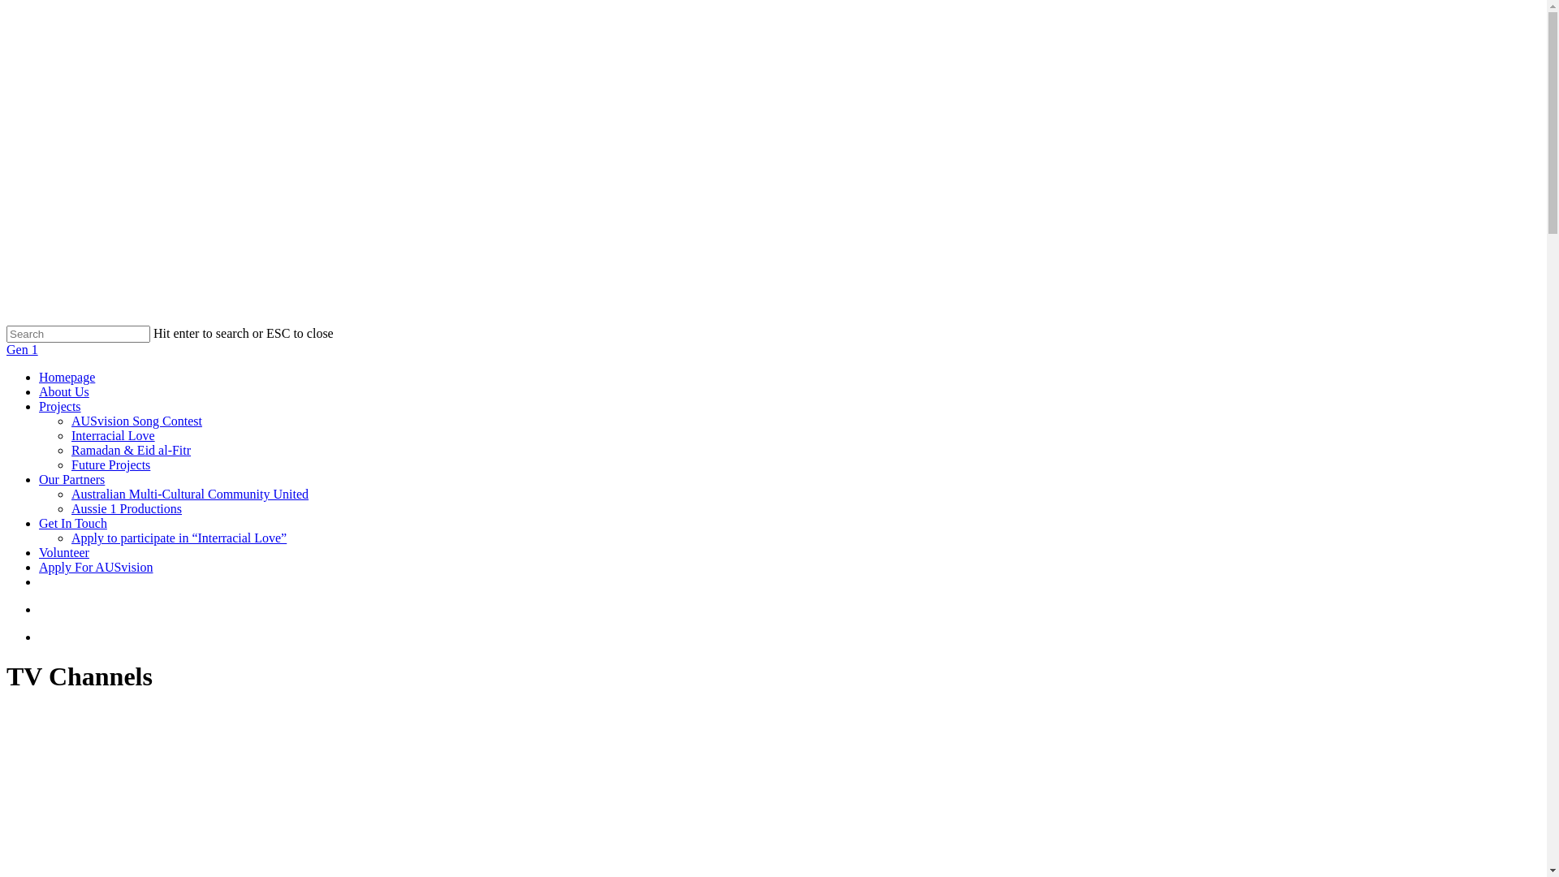 The image size is (1559, 877). What do you see at coordinates (112, 434) in the screenshot?
I see `'Interracial Love'` at bounding box center [112, 434].